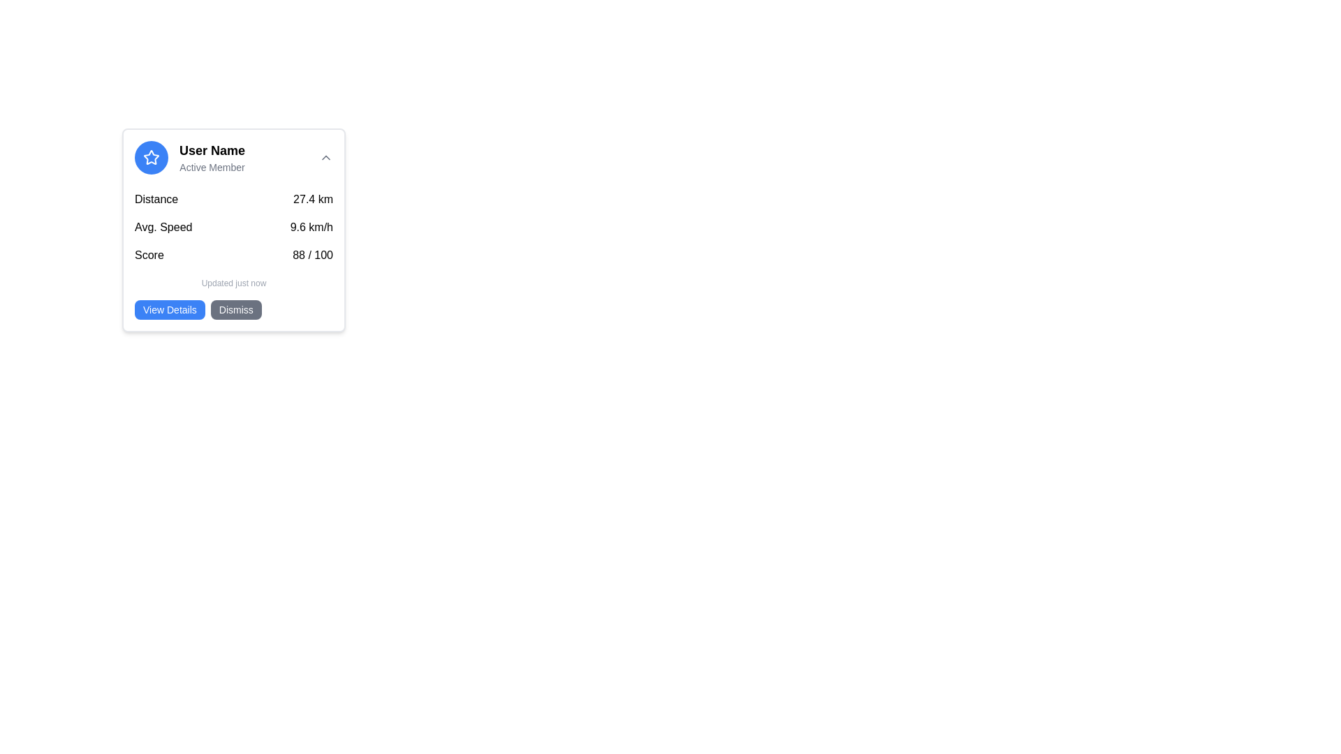 The image size is (1341, 754). I want to click on data displayed in the textual data display element that shows metrics such as distance, average speed, and calculated score, located beneath the user name and status section, so click(234, 227).